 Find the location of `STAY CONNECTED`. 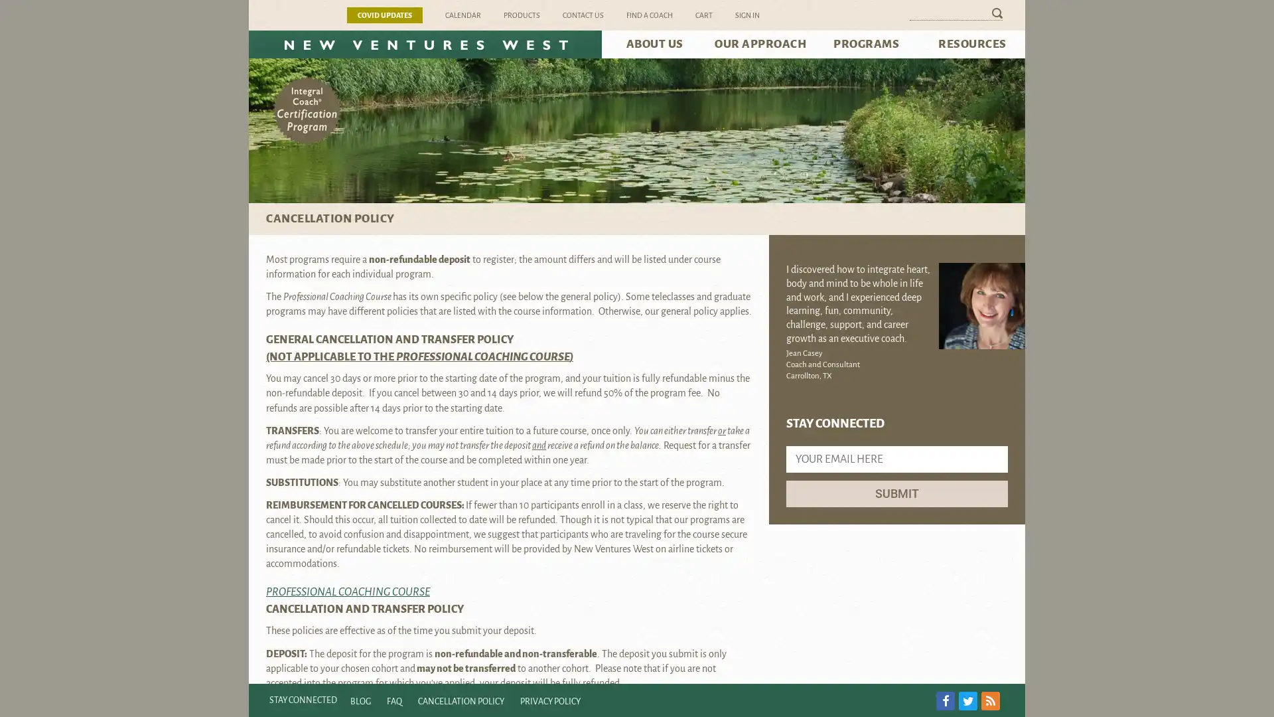

STAY CONNECTED is located at coordinates (302, 700).